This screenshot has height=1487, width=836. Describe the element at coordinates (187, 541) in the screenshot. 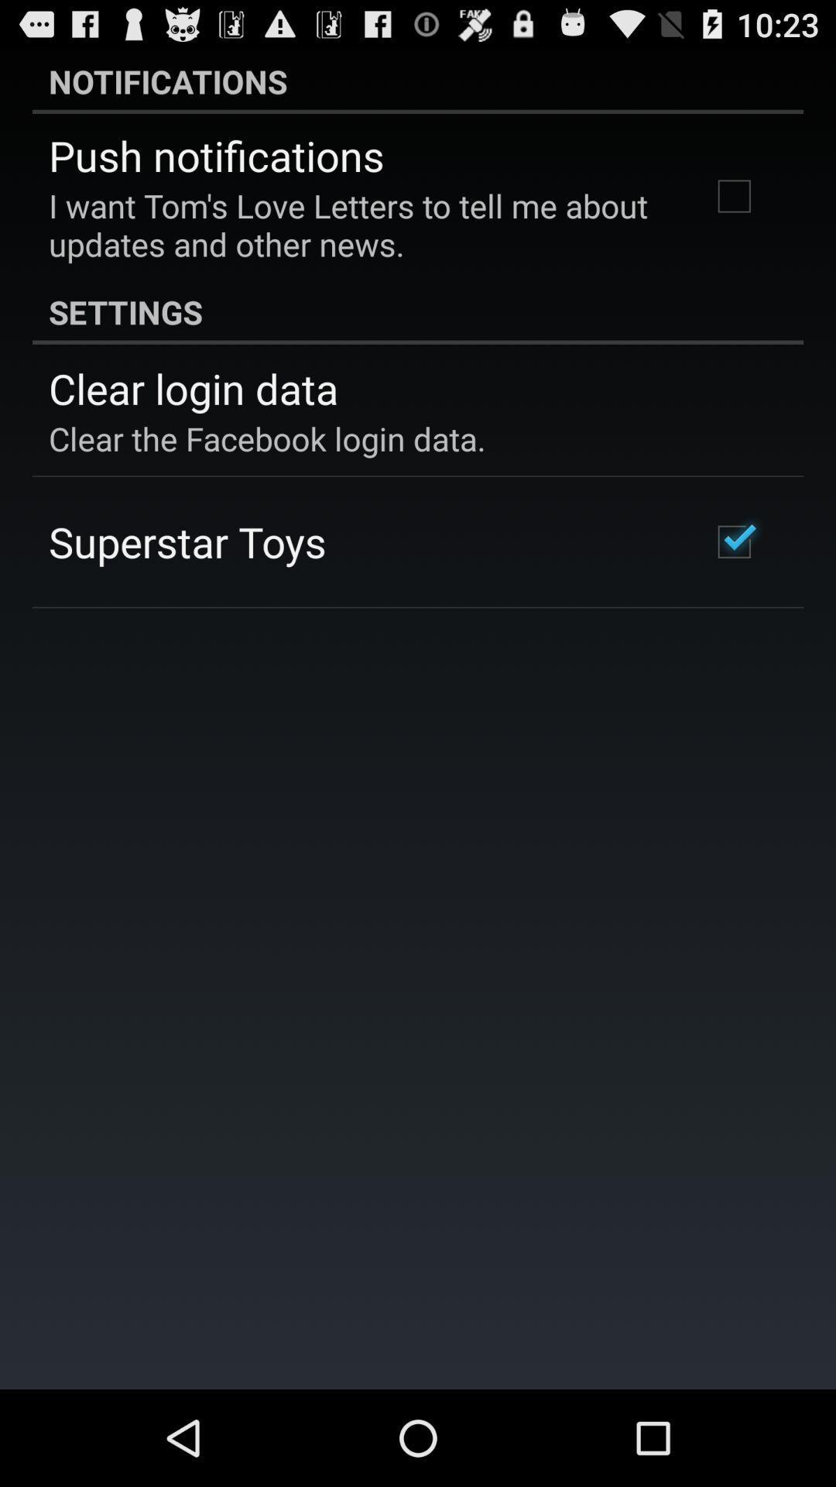

I see `icon below the clear the facebook icon` at that location.